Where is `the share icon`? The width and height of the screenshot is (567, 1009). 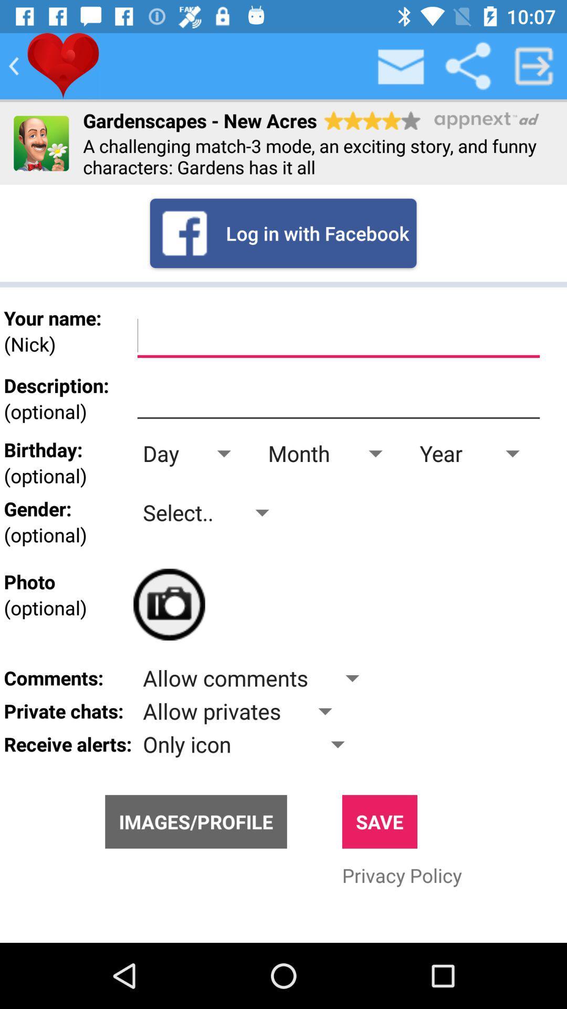 the share icon is located at coordinates (467, 65).